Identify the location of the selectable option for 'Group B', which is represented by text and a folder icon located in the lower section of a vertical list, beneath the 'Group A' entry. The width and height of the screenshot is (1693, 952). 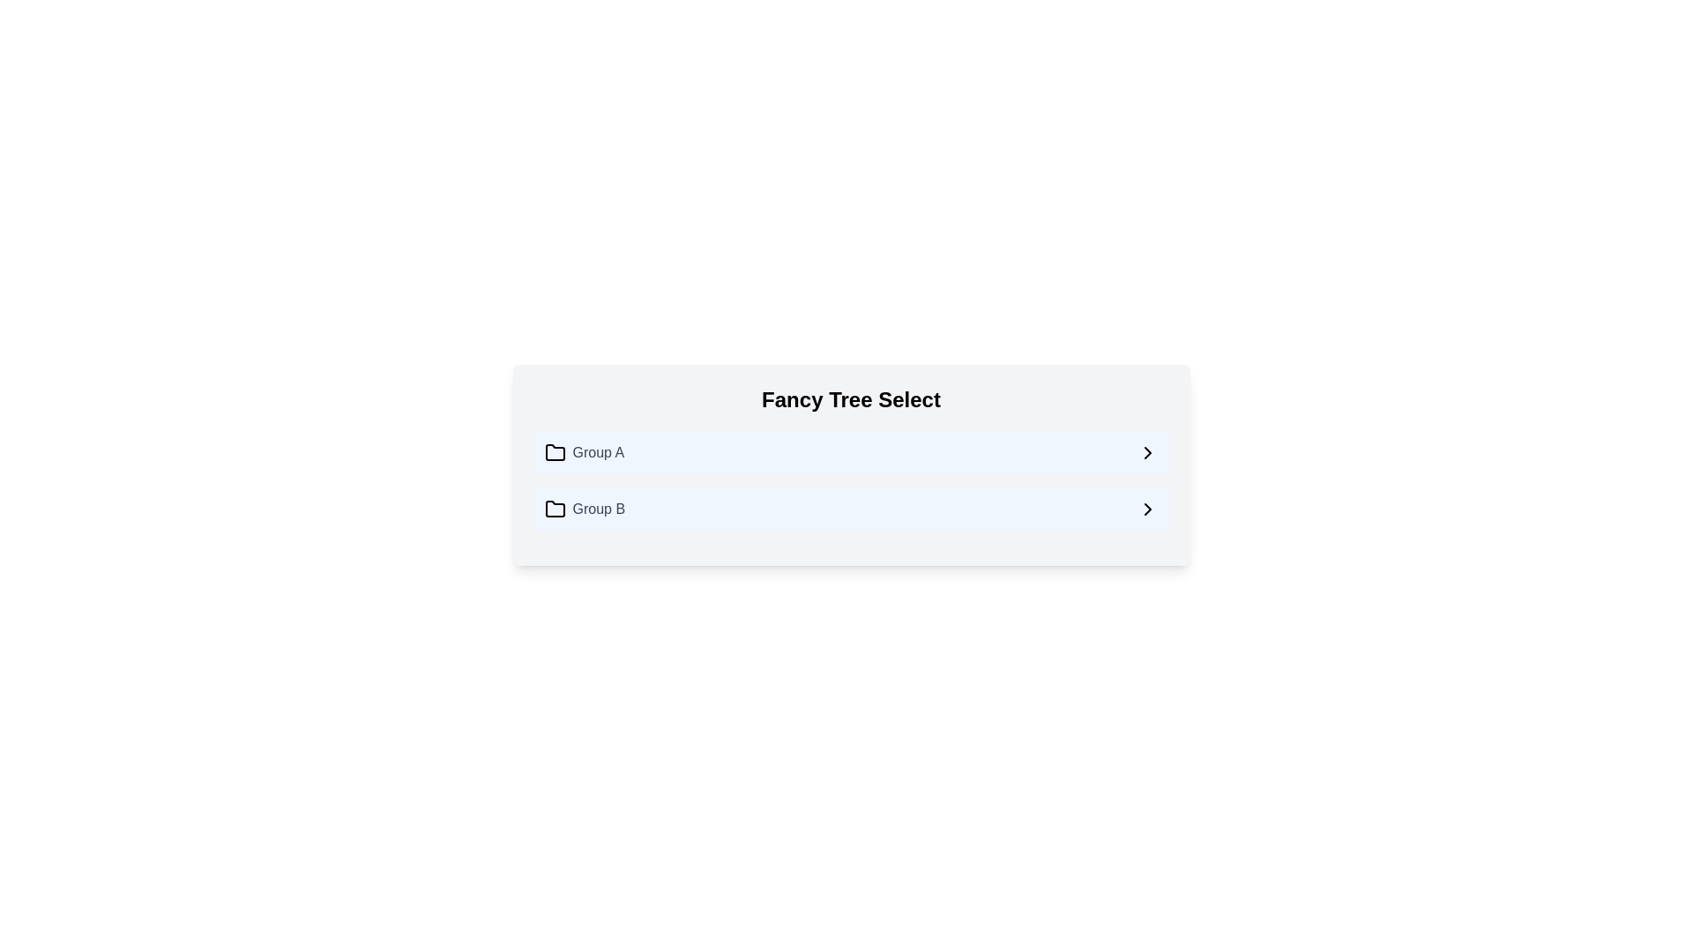
(585, 509).